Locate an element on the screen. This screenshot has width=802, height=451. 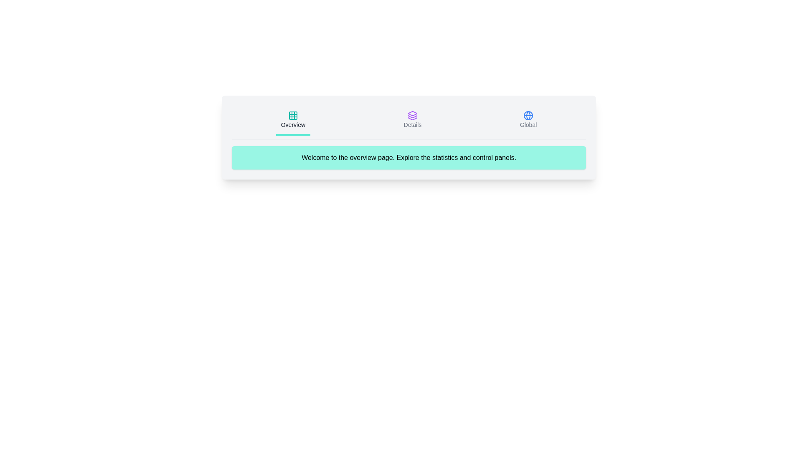
the icon corresponding to Overview is located at coordinates (293, 121).